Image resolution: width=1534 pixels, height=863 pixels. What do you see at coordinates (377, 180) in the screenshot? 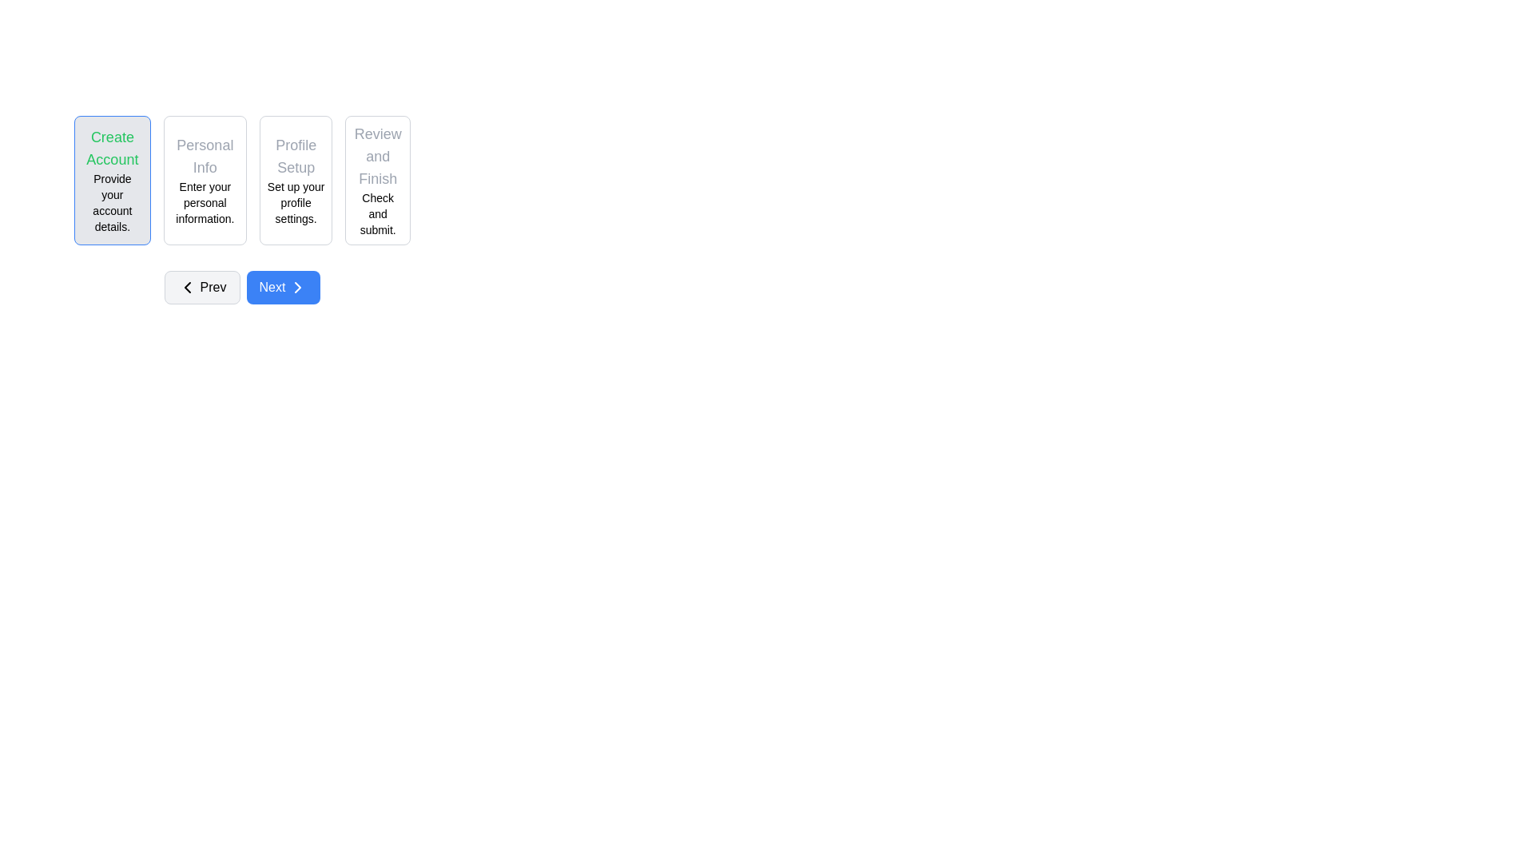
I see `the fourth and final rectangular button labeled 'Review and Finish'` at bounding box center [377, 180].